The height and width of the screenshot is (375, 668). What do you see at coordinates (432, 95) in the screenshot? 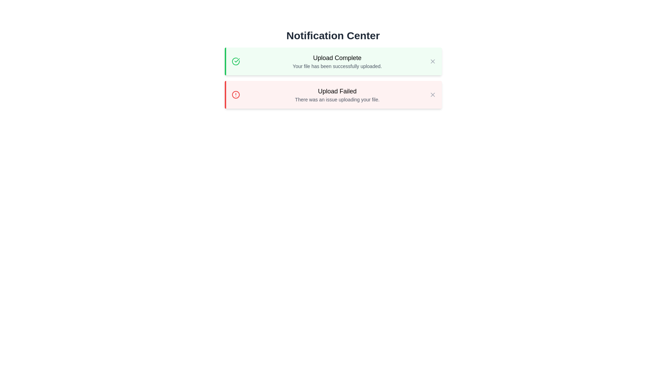
I see `the small 'X' close button in the top-right corner of the 'Upload Failed' notification box to change its color` at bounding box center [432, 95].